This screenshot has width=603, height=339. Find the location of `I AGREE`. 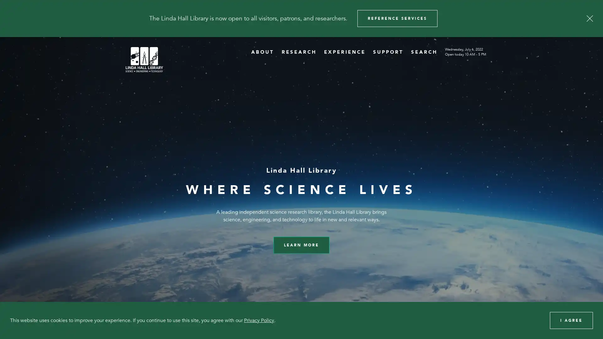

I AGREE is located at coordinates (571, 320).